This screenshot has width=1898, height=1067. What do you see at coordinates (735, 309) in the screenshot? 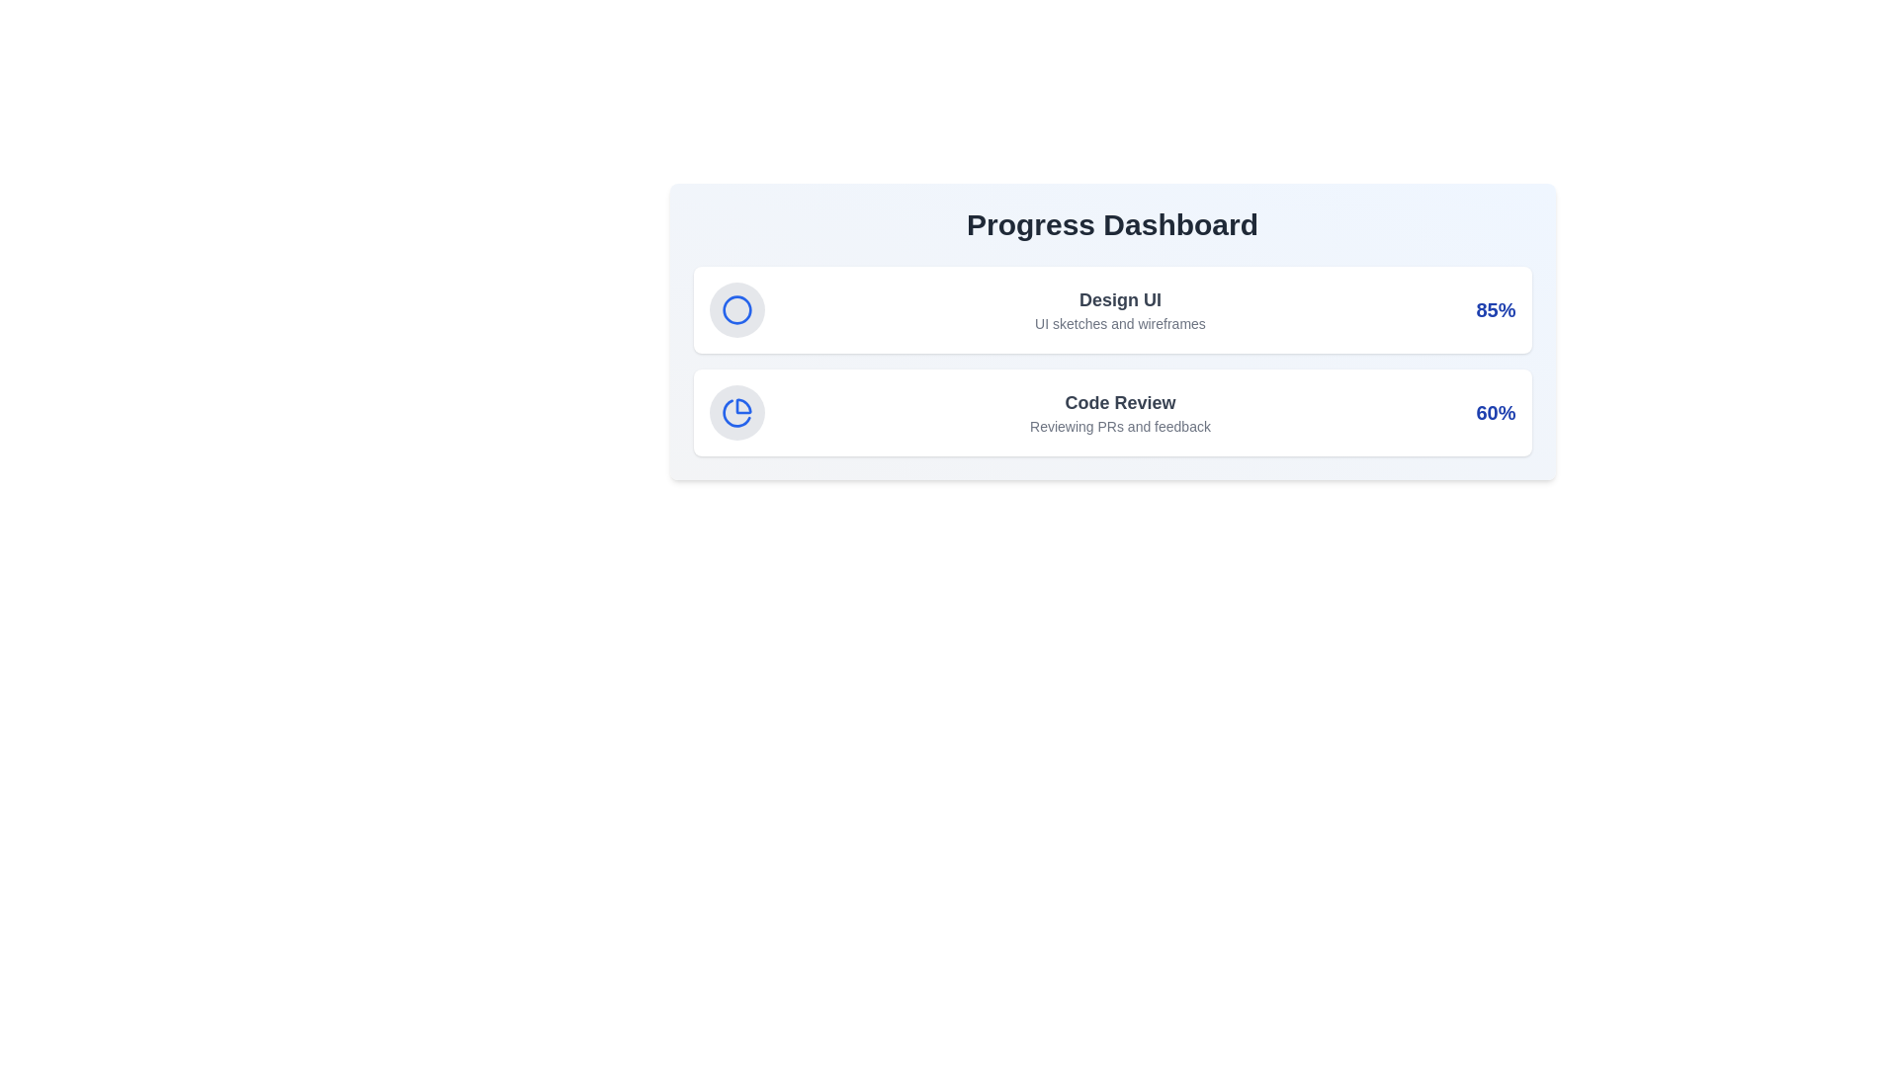
I see `the Icon that visually represents the 'Design UI' entry, located to the left of the 'Design UI' text label` at bounding box center [735, 309].